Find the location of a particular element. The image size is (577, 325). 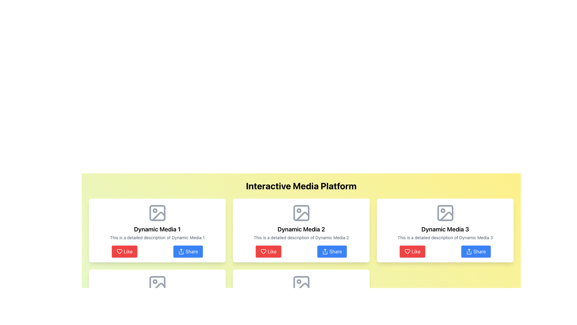

the heart-shaped red icon in the 'Like' button located at the bottom-left of the first card in the grid layout is located at coordinates (120, 252).